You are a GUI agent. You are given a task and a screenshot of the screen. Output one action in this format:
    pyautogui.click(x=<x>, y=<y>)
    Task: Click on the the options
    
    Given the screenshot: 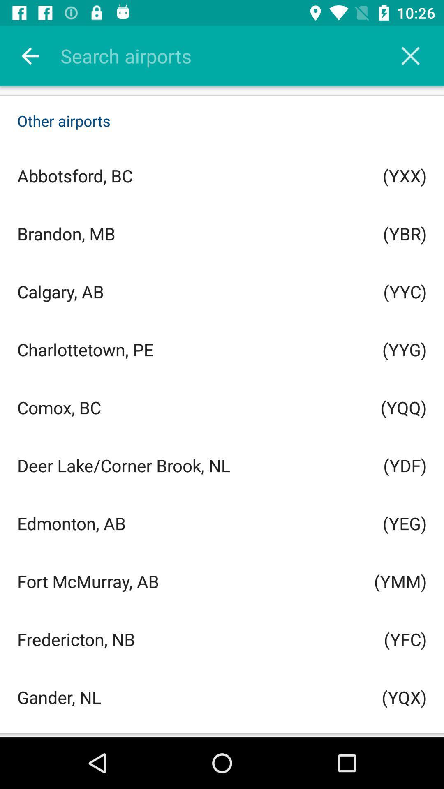 What is the action you would take?
    pyautogui.click(x=410, y=55)
    